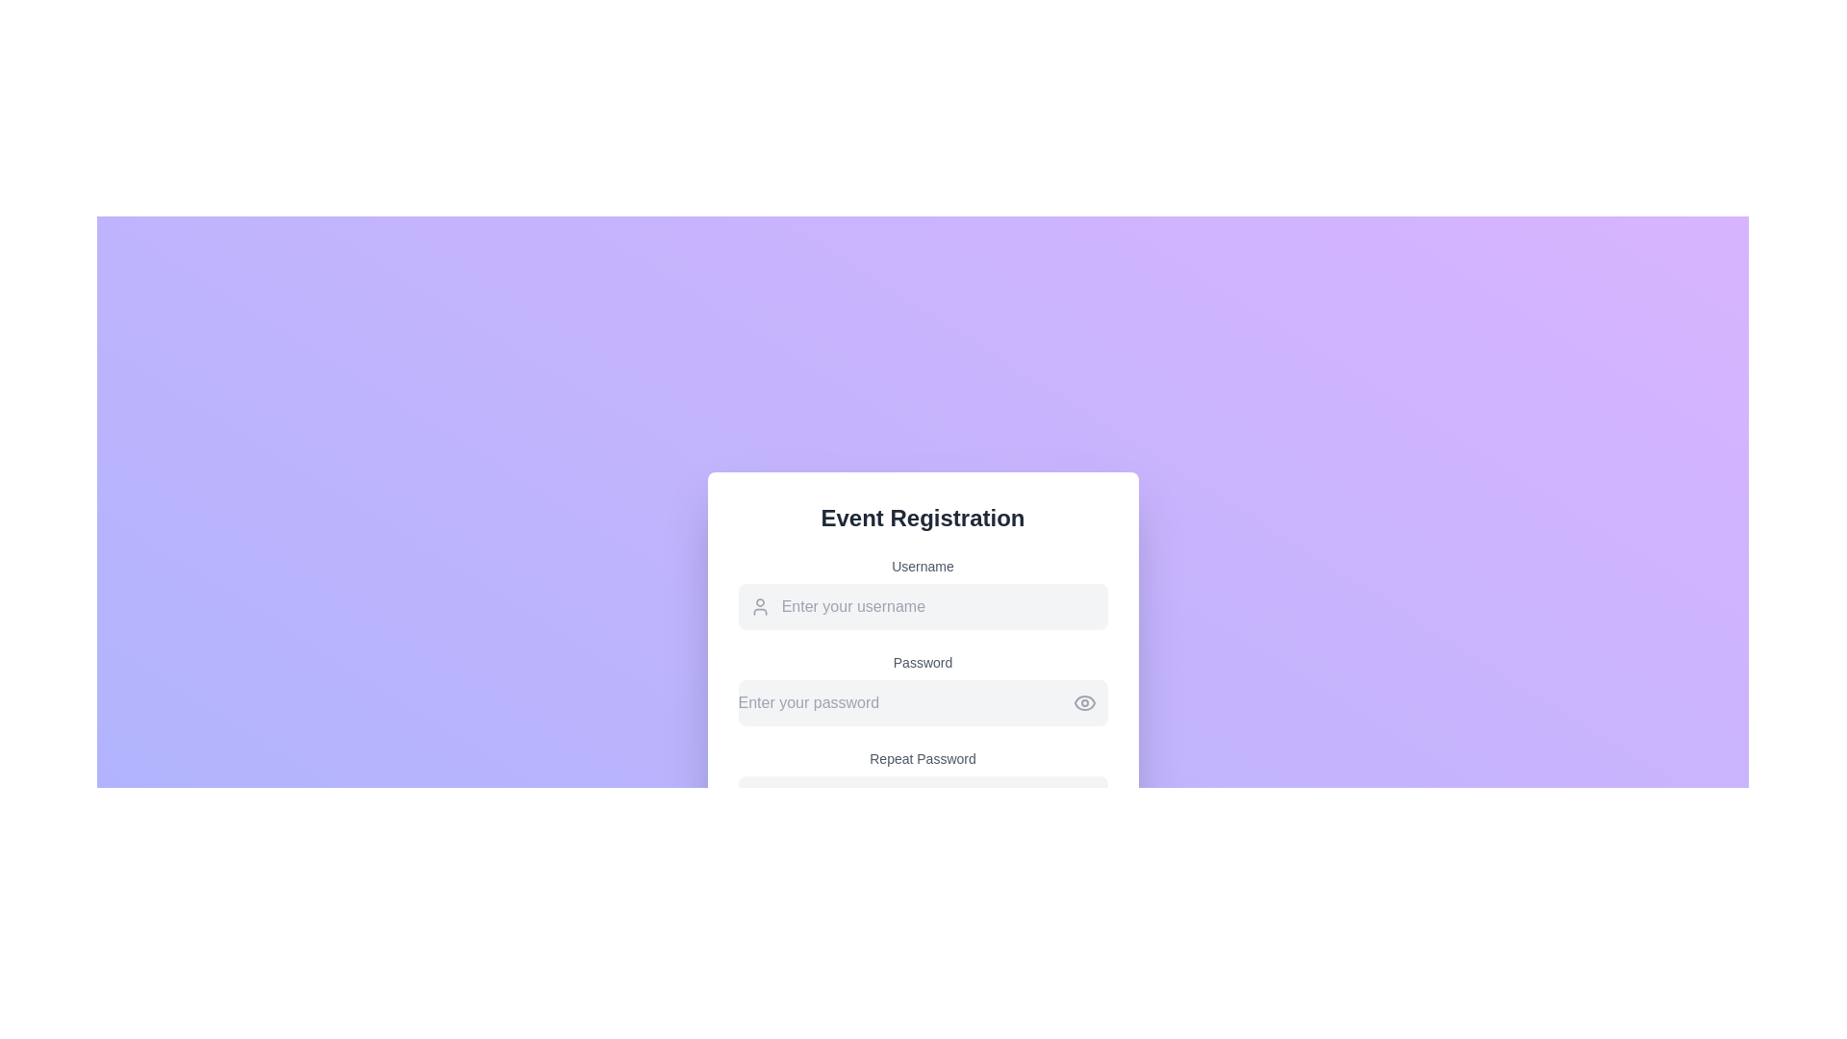  What do you see at coordinates (759, 607) in the screenshot?
I see `the user icon, which is a circular head and shoulders outline in gray, positioned to the left of the username input field` at bounding box center [759, 607].